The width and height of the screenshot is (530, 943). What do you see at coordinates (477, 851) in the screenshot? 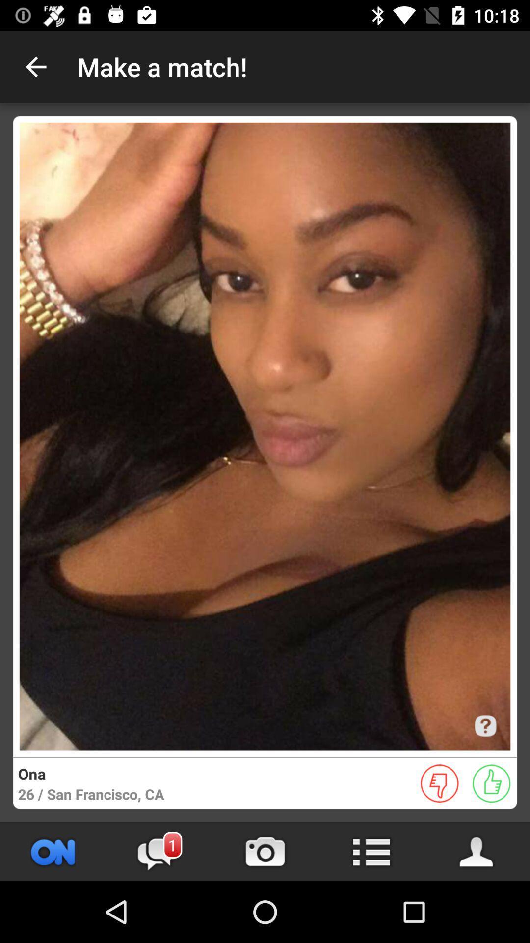
I see `the avatar icon` at bounding box center [477, 851].